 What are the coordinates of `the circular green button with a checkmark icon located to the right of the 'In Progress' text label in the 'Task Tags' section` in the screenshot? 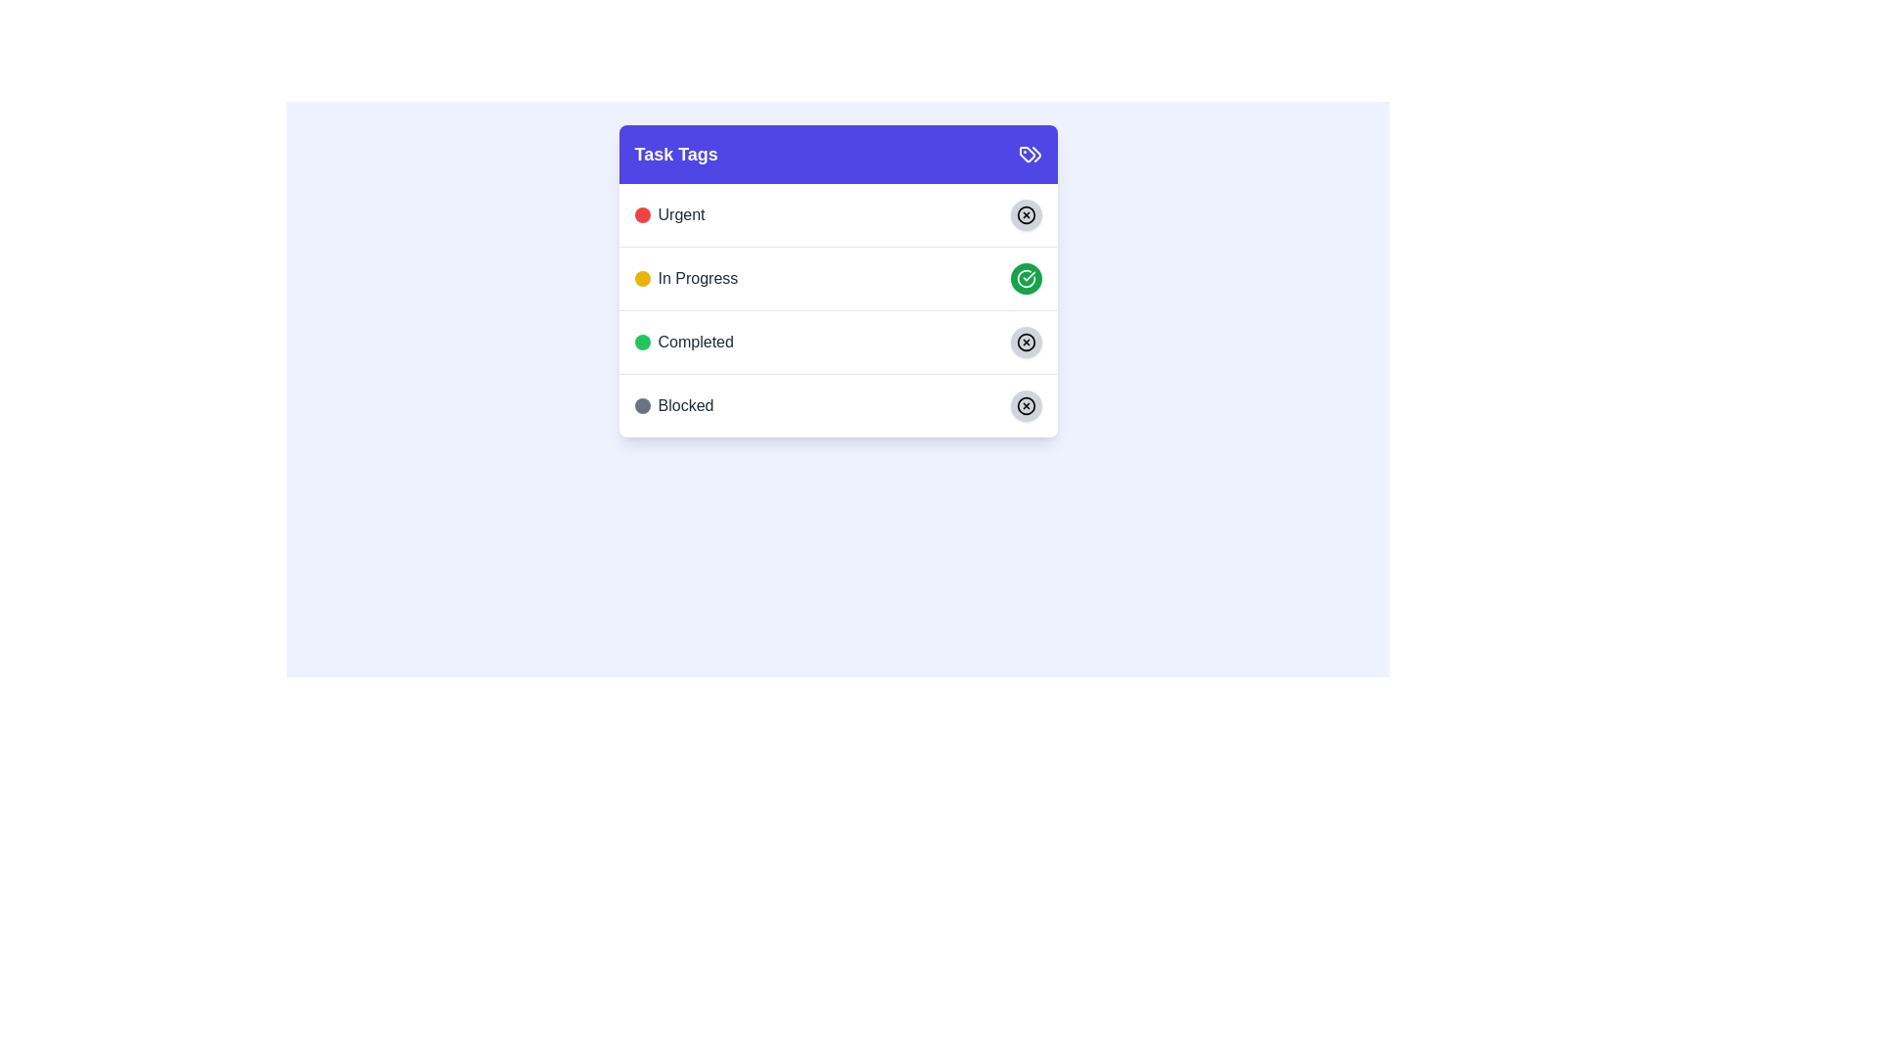 It's located at (1025, 279).